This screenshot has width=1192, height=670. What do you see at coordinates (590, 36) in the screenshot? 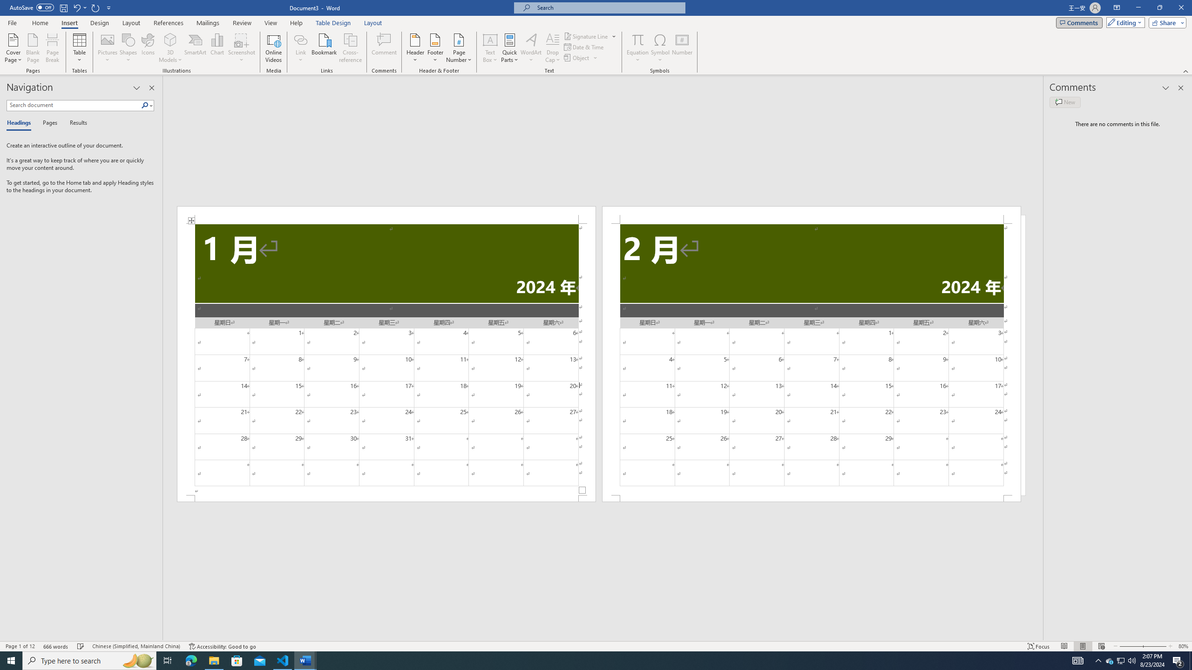
I see `'Signature Line'` at bounding box center [590, 36].